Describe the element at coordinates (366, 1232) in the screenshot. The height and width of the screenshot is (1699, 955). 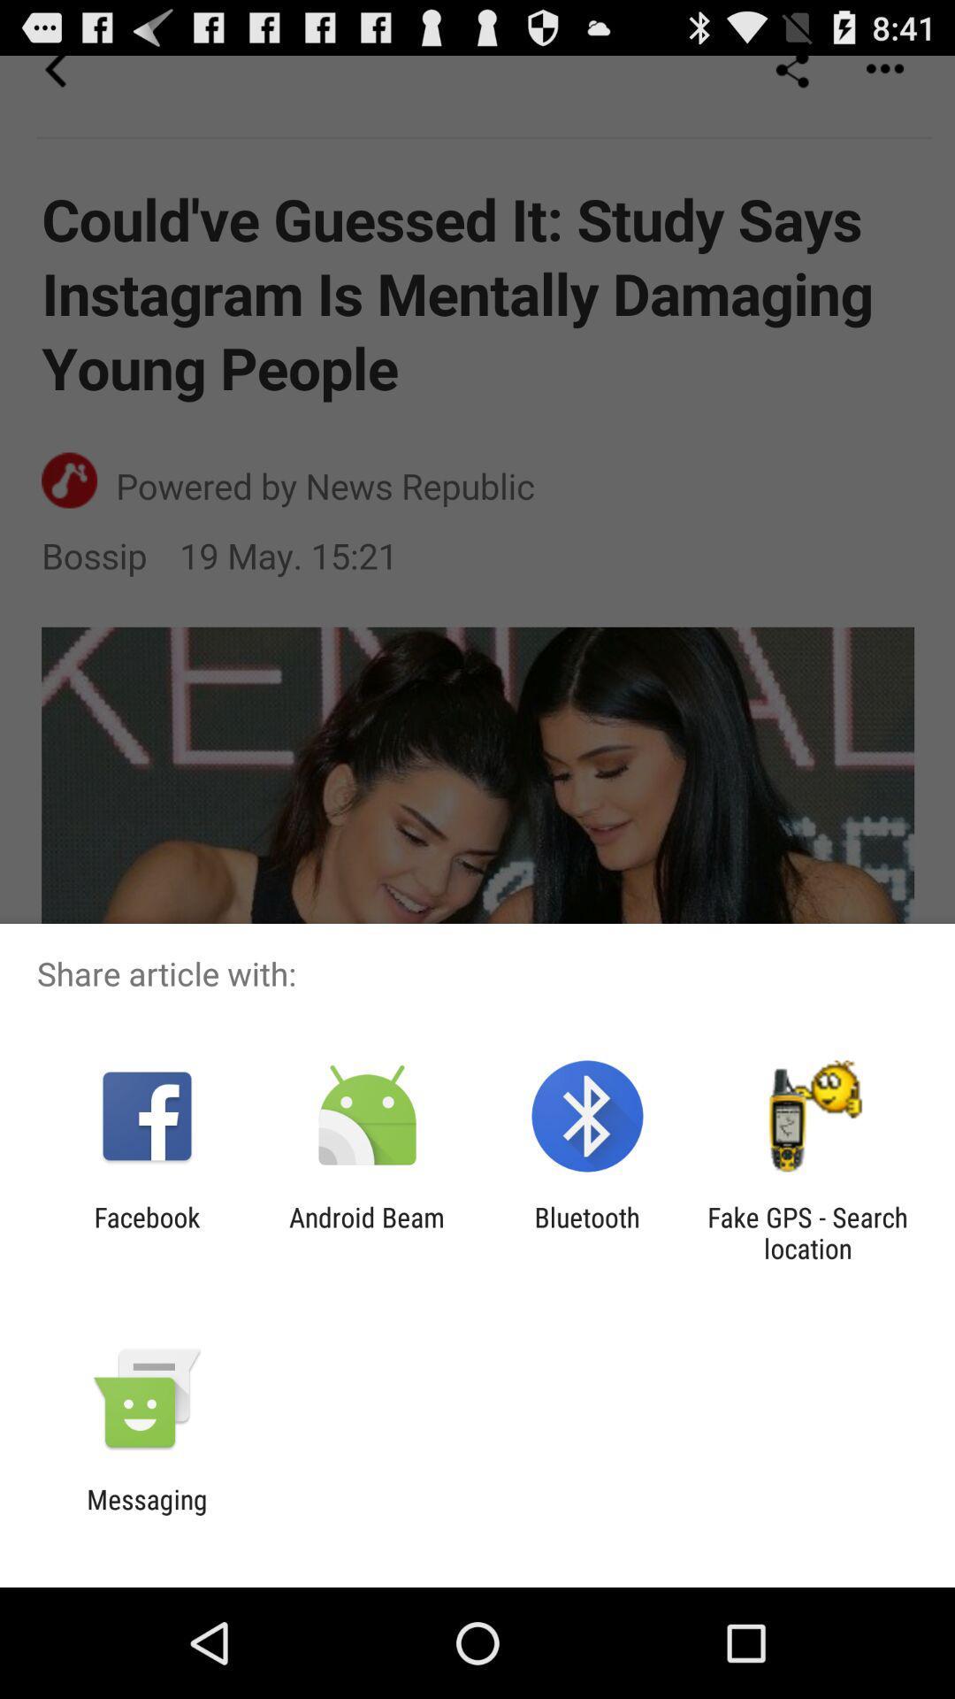
I see `the android beam item` at that location.